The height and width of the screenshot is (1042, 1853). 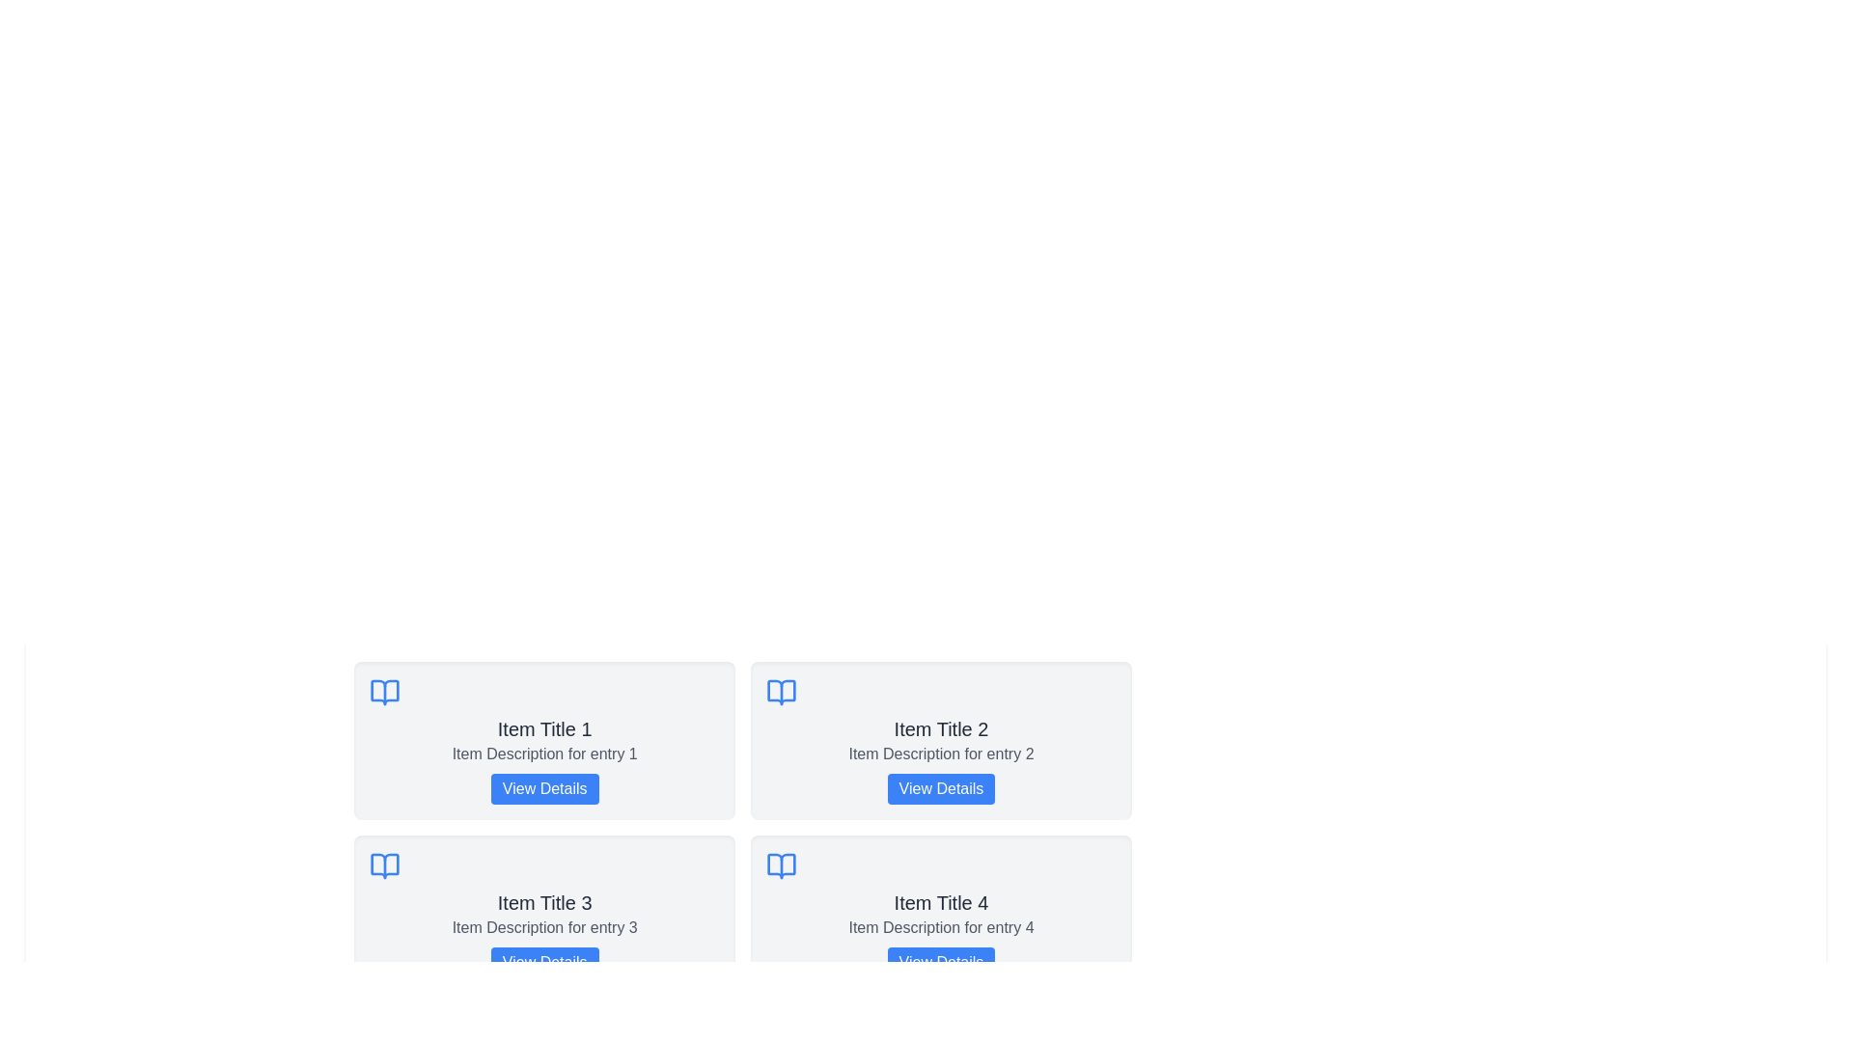 I want to click on the text element providing additional descriptive information about entry 4, which is located below 'Item Title 4' and above the 'View Details' button in the card layout, so click(x=941, y=926).